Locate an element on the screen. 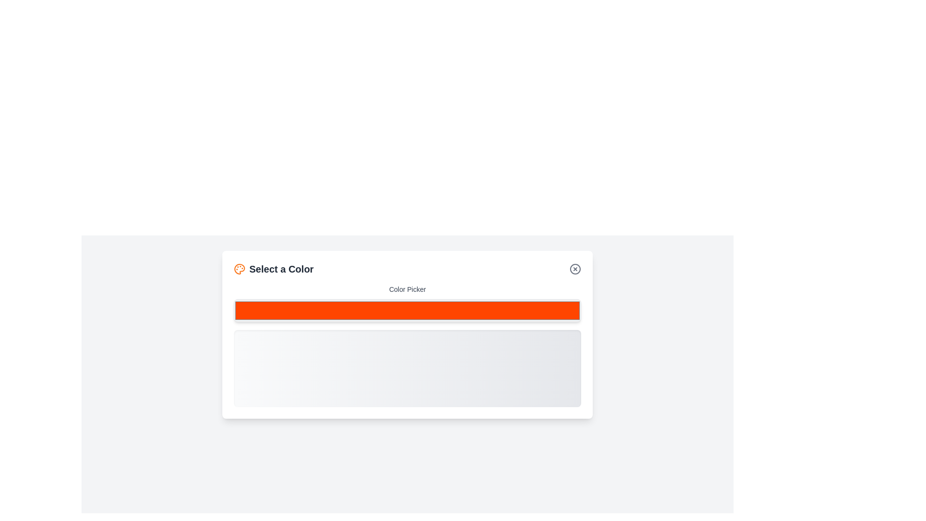 Image resolution: width=926 pixels, height=521 pixels. the 'Color Picker' text label displayed in gray, which is styled with a smaller font size and medium weight, located above a color selection input field is located at coordinates (407, 289).